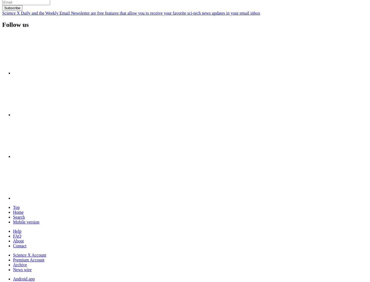 This screenshot has width=370, height=282. Describe the element at coordinates (28, 260) in the screenshot. I see `'Premium Account'` at that location.